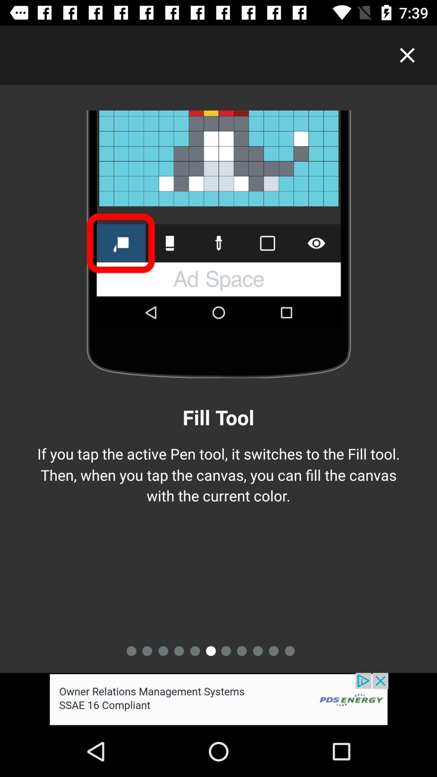 The image size is (437, 777). Describe the element at coordinates (218, 699) in the screenshot. I see `advertisement` at that location.